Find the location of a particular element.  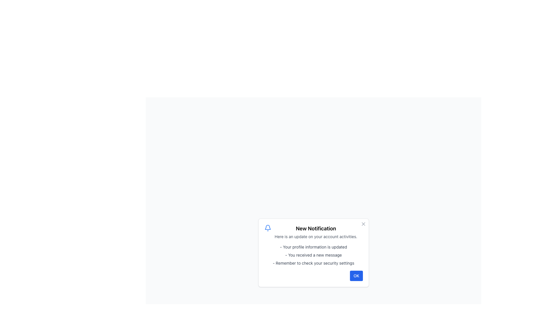

the 'OK' button with a blue background and white text located in the bottom-right corner of the notification dialog box is located at coordinates (356, 275).